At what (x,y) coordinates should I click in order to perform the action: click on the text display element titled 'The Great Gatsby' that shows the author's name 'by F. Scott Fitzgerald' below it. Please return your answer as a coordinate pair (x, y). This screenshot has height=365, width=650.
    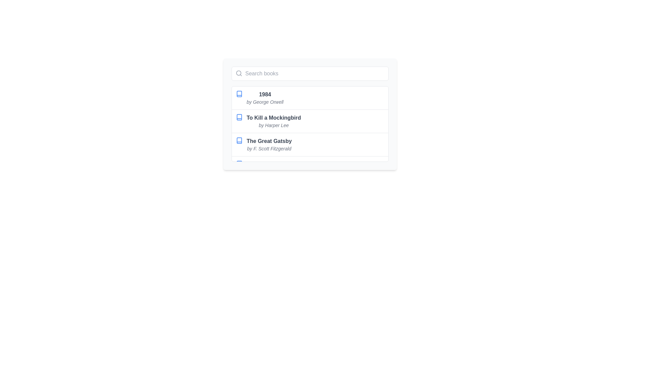
    Looking at the image, I should click on (269, 144).